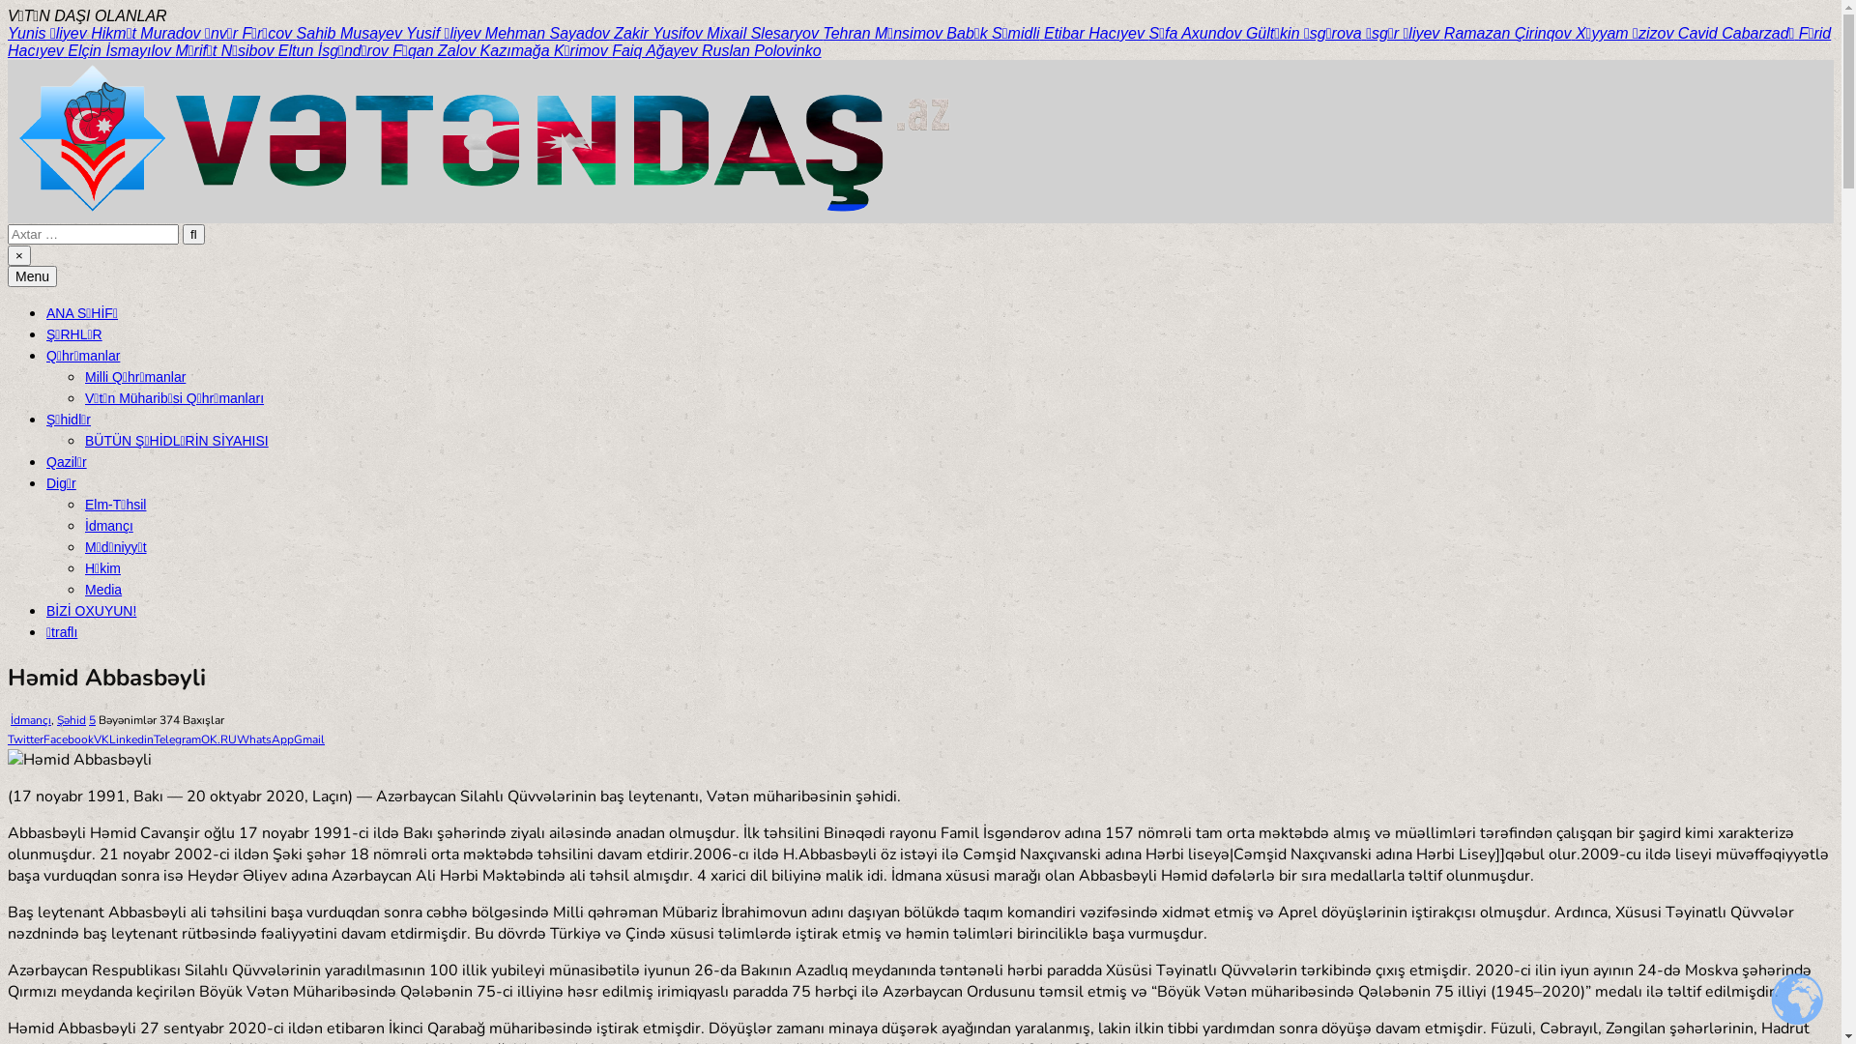  What do you see at coordinates (69, 739) in the screenshot?
I see `'Facebook'` at bounding box center [69, 739].